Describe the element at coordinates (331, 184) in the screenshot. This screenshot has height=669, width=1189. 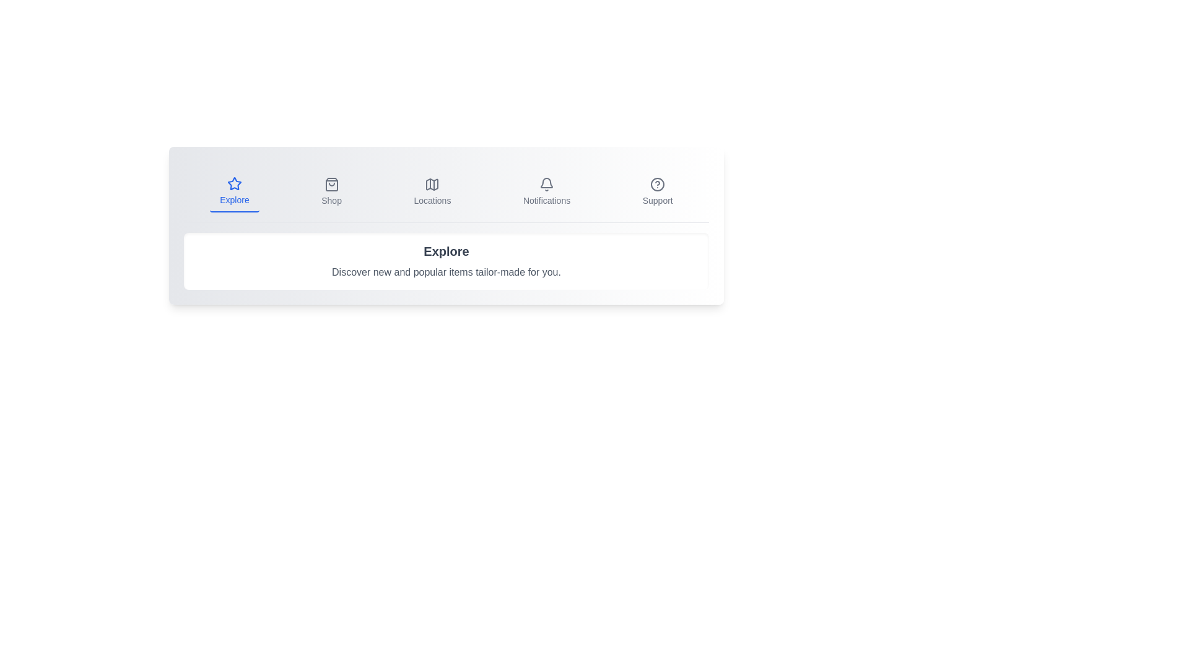
I see `the shopping bag icon in the navigation bar` at that location.